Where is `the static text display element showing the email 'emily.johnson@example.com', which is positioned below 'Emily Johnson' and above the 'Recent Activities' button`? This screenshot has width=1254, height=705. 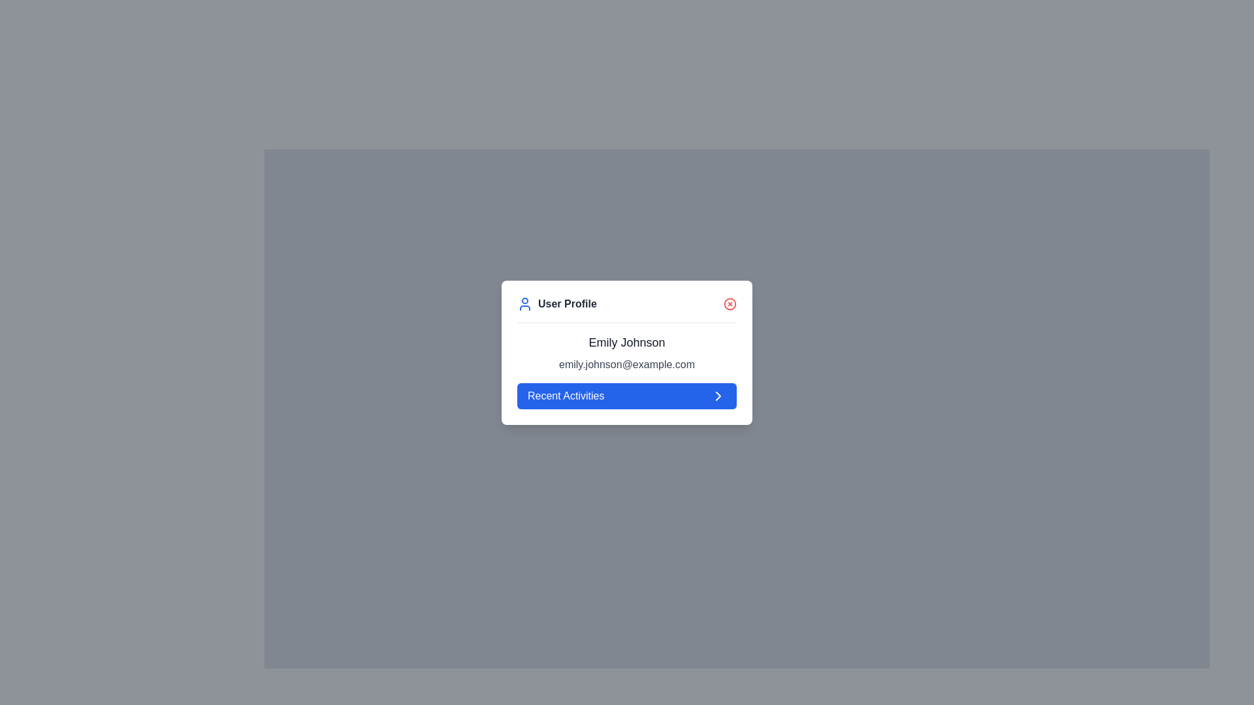
the static text display element showing the email 'emily.johnson@example.com', which is positioned below 'Emily Johnson' and above the 'Recent Activities' button is located at coordinates (627, 364).